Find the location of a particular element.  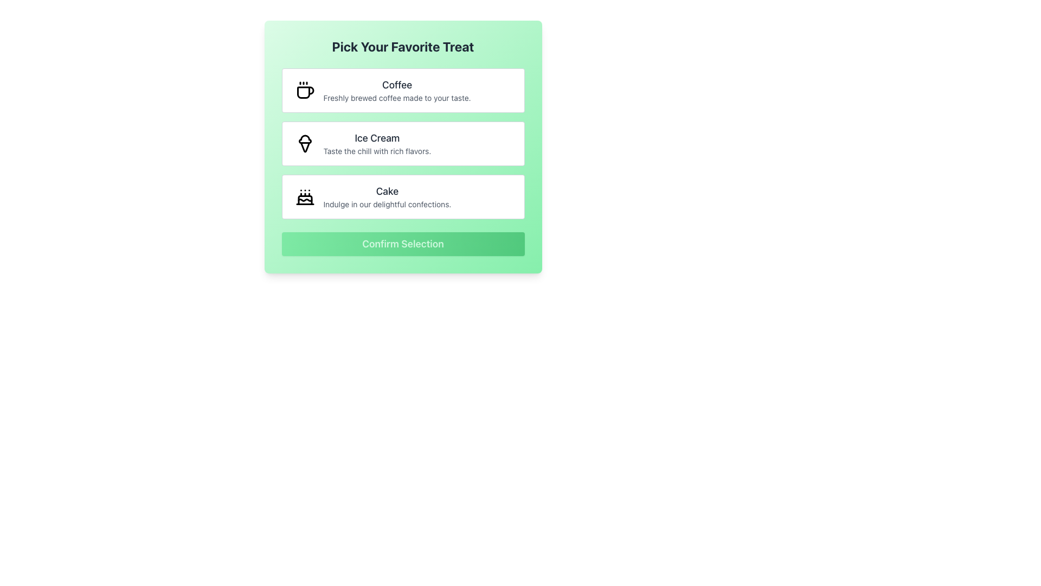

the Text Display element that contains the word 'Cake' in a larger, bold font and the phrase 'Indulge in our delightful confections.' in a smaller font, positioned centrally among the options is located at coordinates (387, 196).